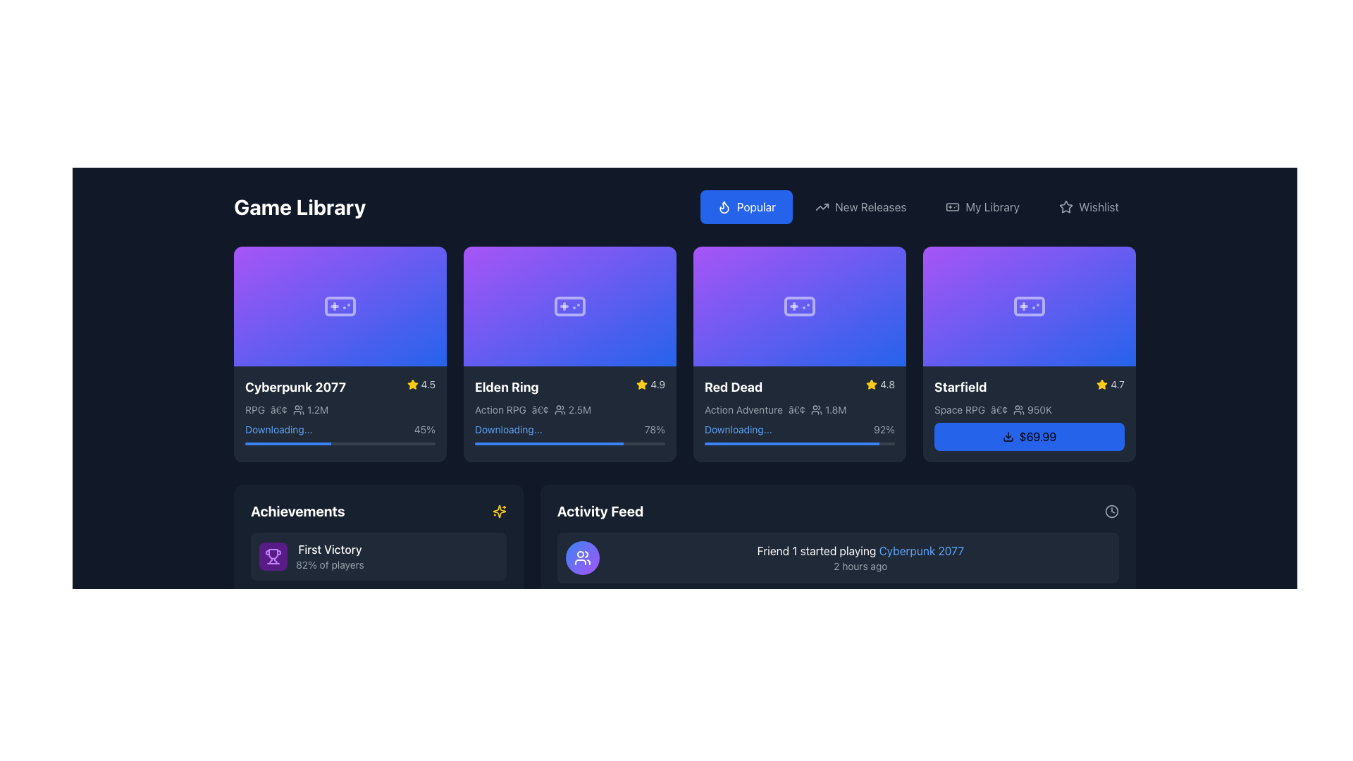 Image resolution: width=1353 pixels, height=761 pixels. Describe the element at coordinates (860, 206) in the screenshot. I see `the second button in the horizontal menu bar` at that location.